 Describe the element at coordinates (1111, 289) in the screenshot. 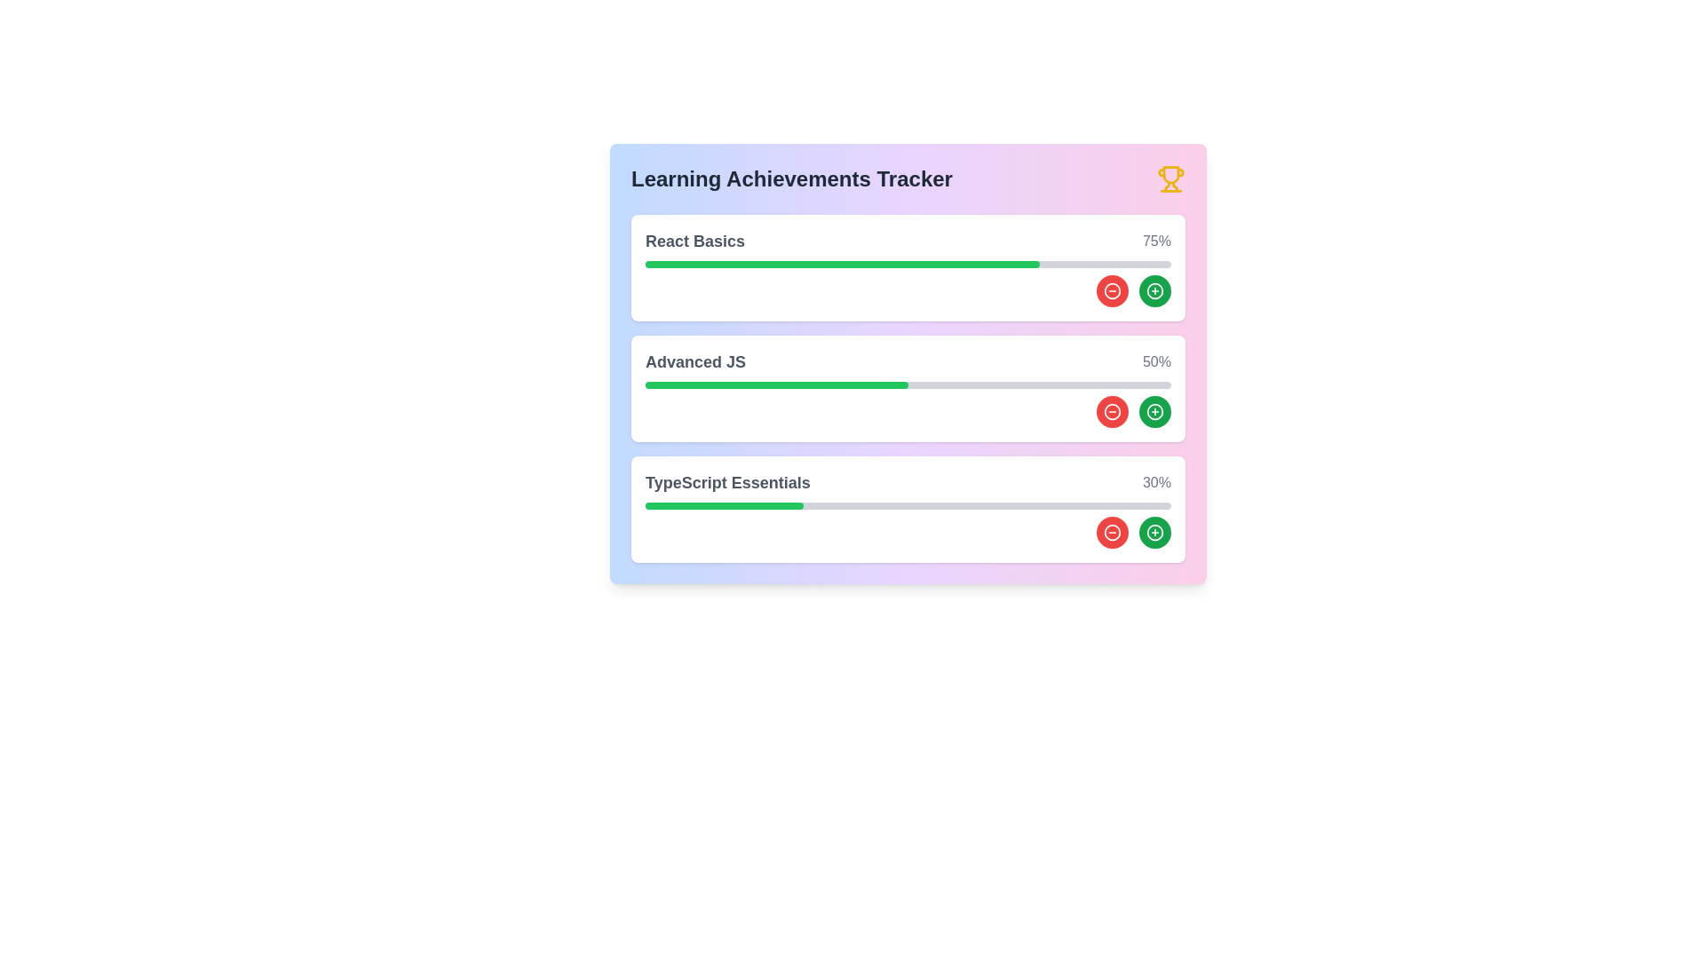

I see `the leftmost circular button at the right end of the 'React Basics' progress bar` at that location.